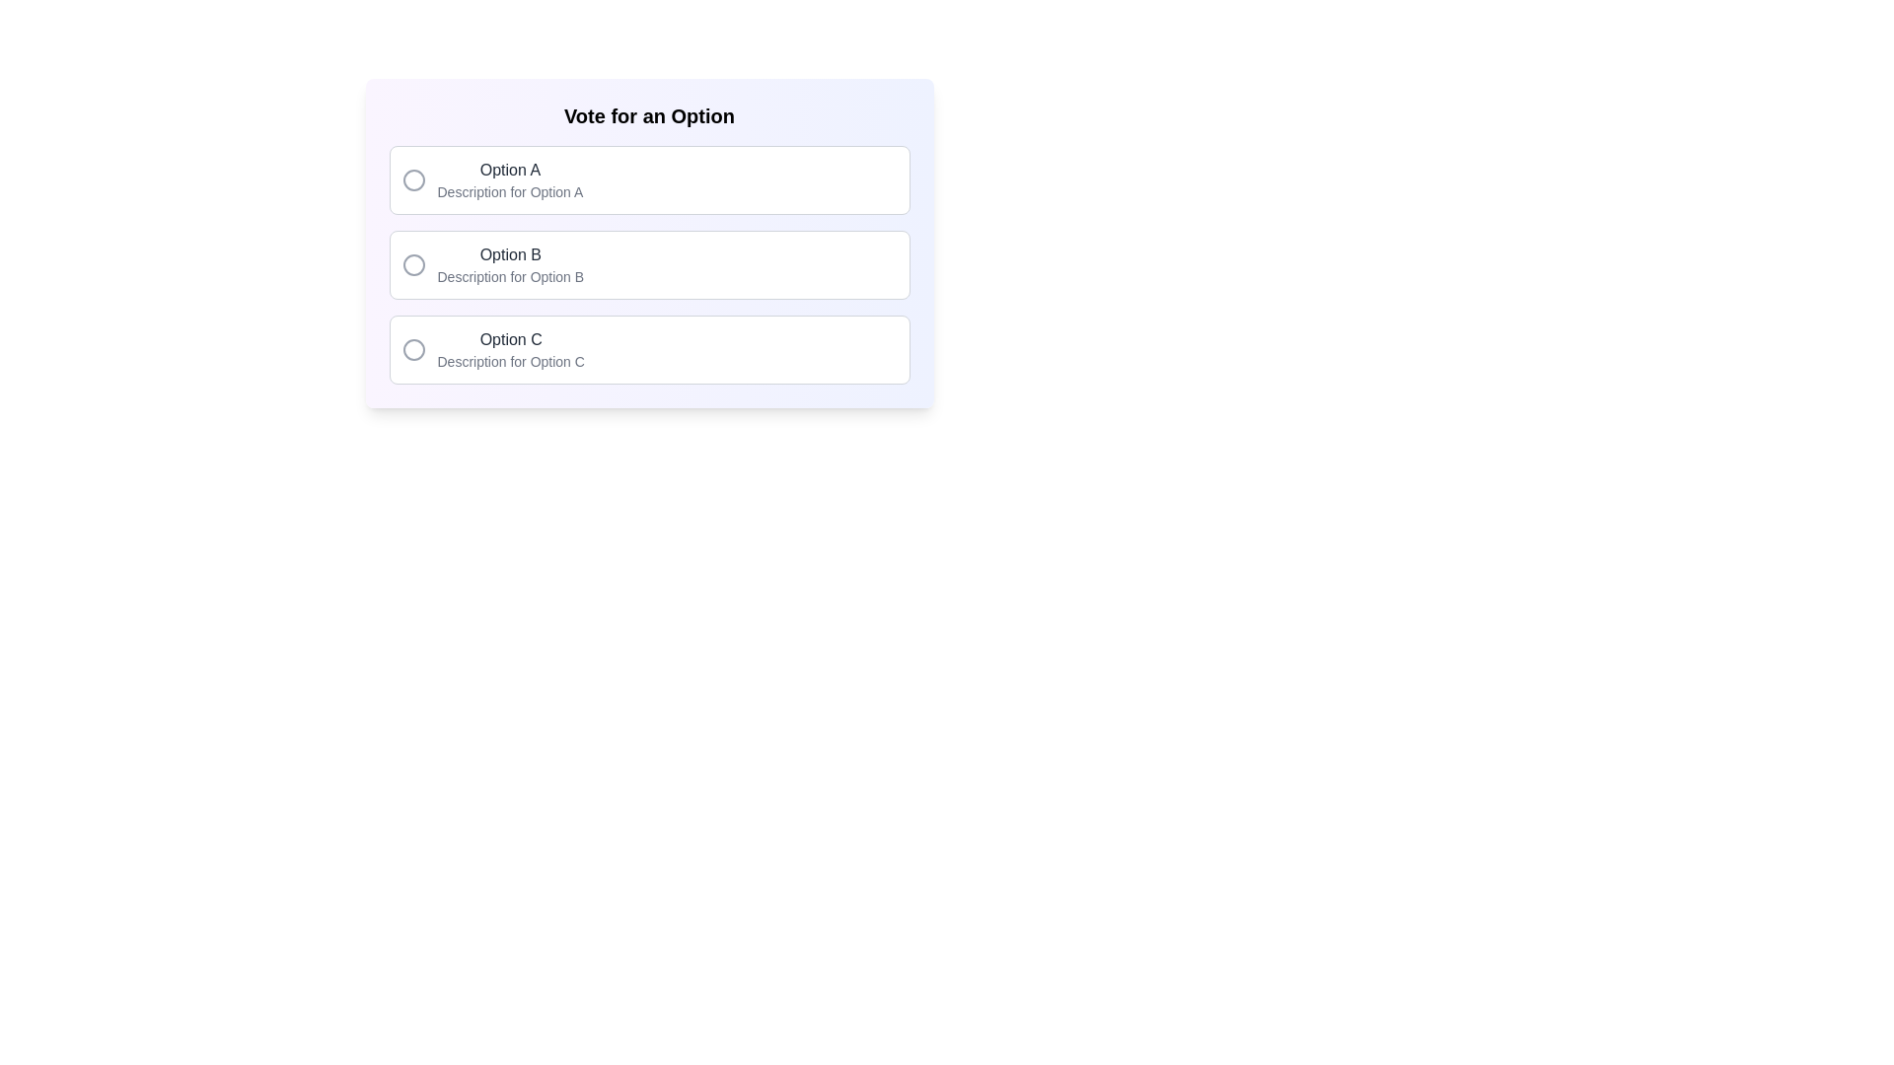  What do you see at coordinates (510, 264) in the screenshot?
I see `the 'Option B' text label, which consists of two lines: 'Option B' in bold dark gray and 'Description for Option B' in smaller light gray, positioned in the list of selectable items` at bounding box center [510, 264].